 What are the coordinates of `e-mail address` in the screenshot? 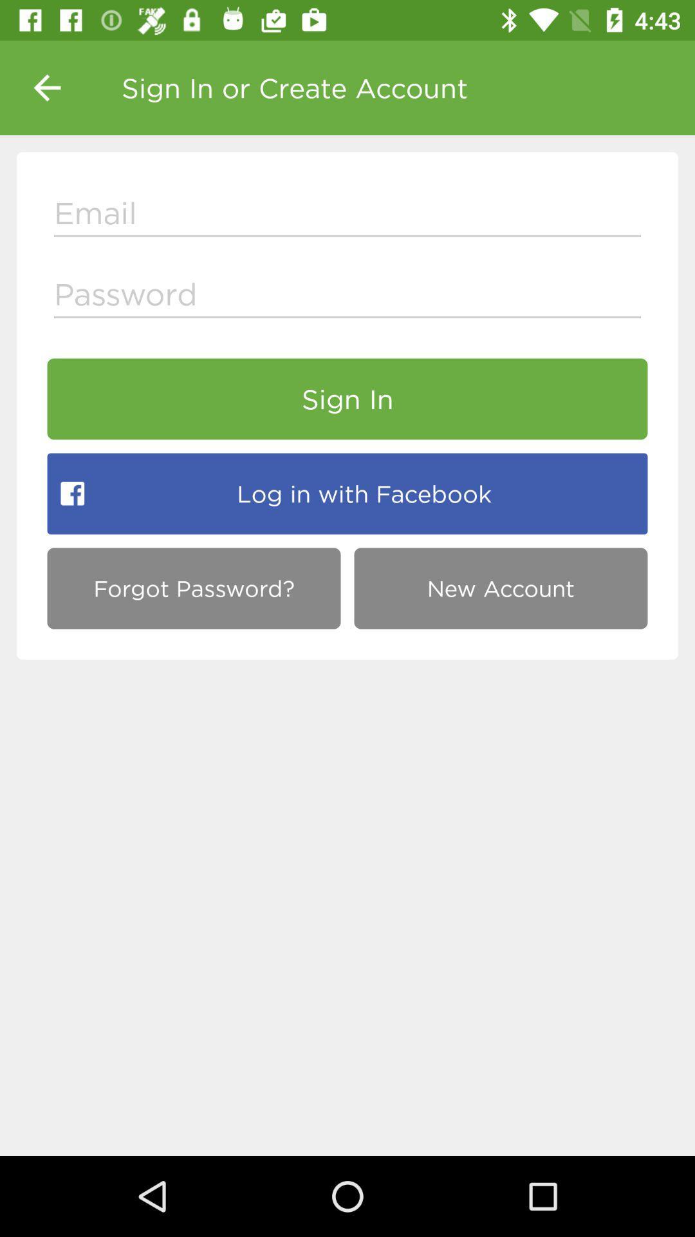 It's located at (347, 216).